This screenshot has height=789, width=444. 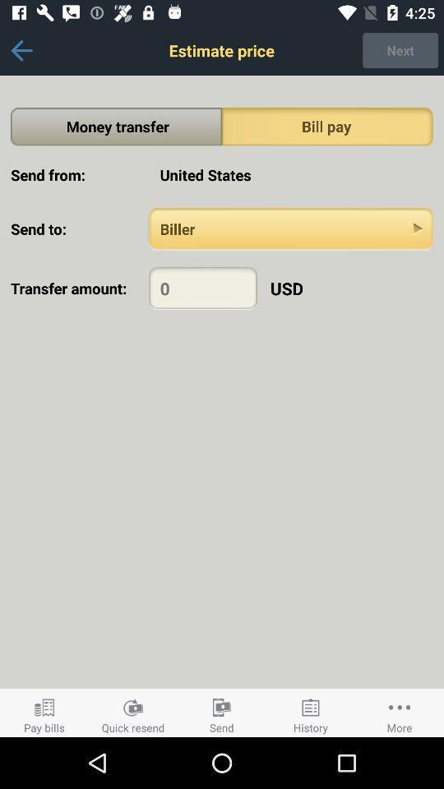 What do you see at coordinates (290, 175) in the screenshot?
I see `the united states item` at bounding box center [290, 175].